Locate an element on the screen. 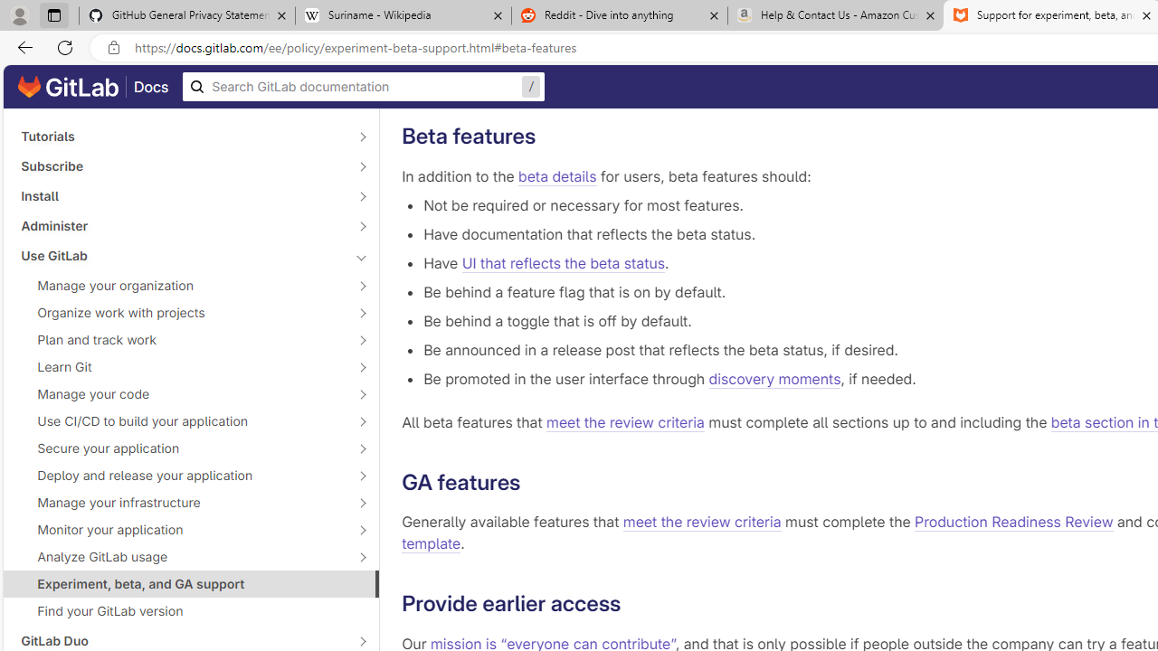  'UI that reflects the beta status' is located at coordinates (562, 262).